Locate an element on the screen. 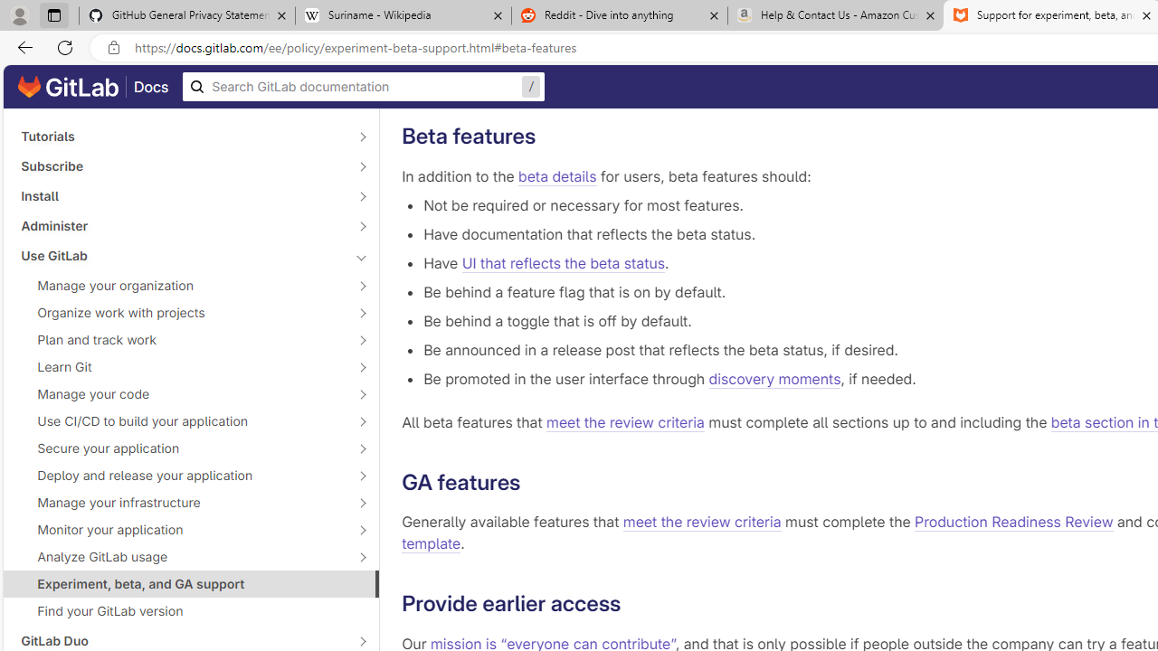  'UI that reflects the beta status' is located at coordinates (562, 262).